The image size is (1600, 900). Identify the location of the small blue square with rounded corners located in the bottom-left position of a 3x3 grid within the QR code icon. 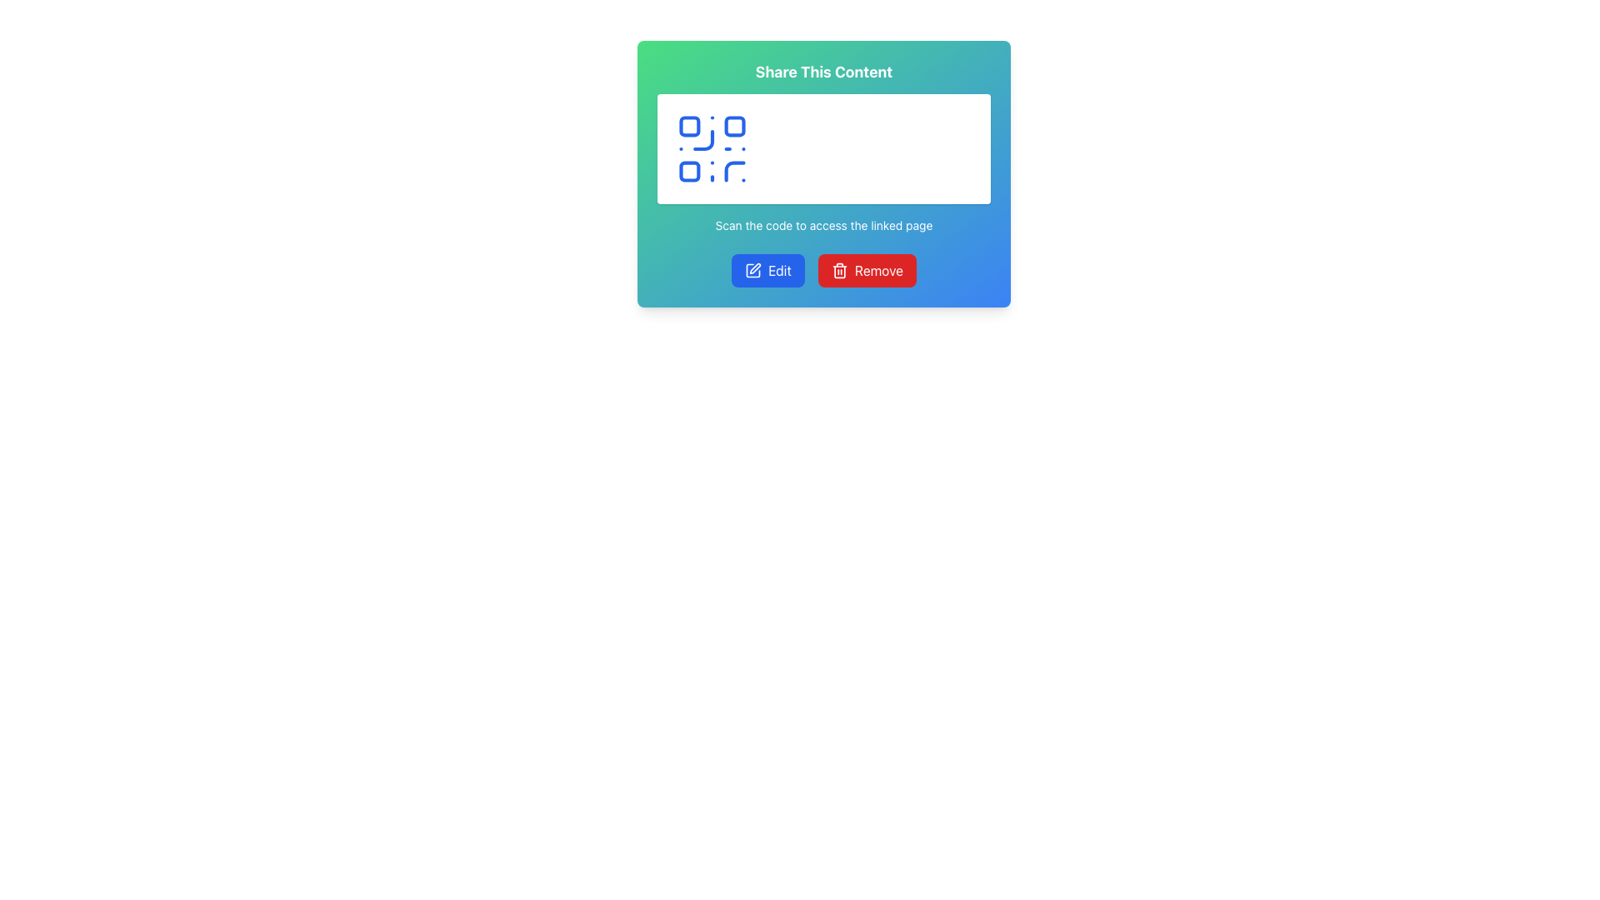
(689, 172).